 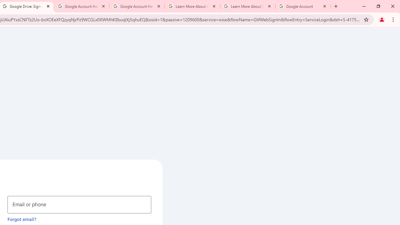 I want to click on 'Forgot email?', so click(x=22, y=219).